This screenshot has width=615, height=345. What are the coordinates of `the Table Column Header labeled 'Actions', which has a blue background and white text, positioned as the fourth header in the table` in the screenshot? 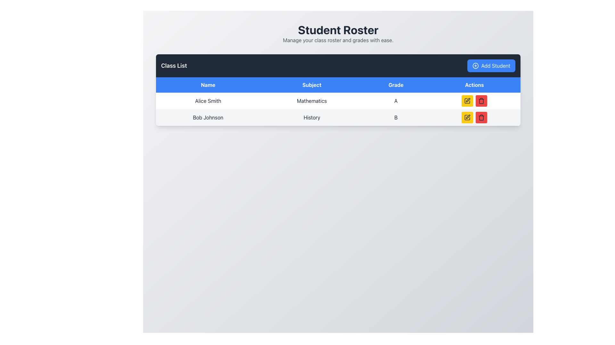 It's located at (474, 85).